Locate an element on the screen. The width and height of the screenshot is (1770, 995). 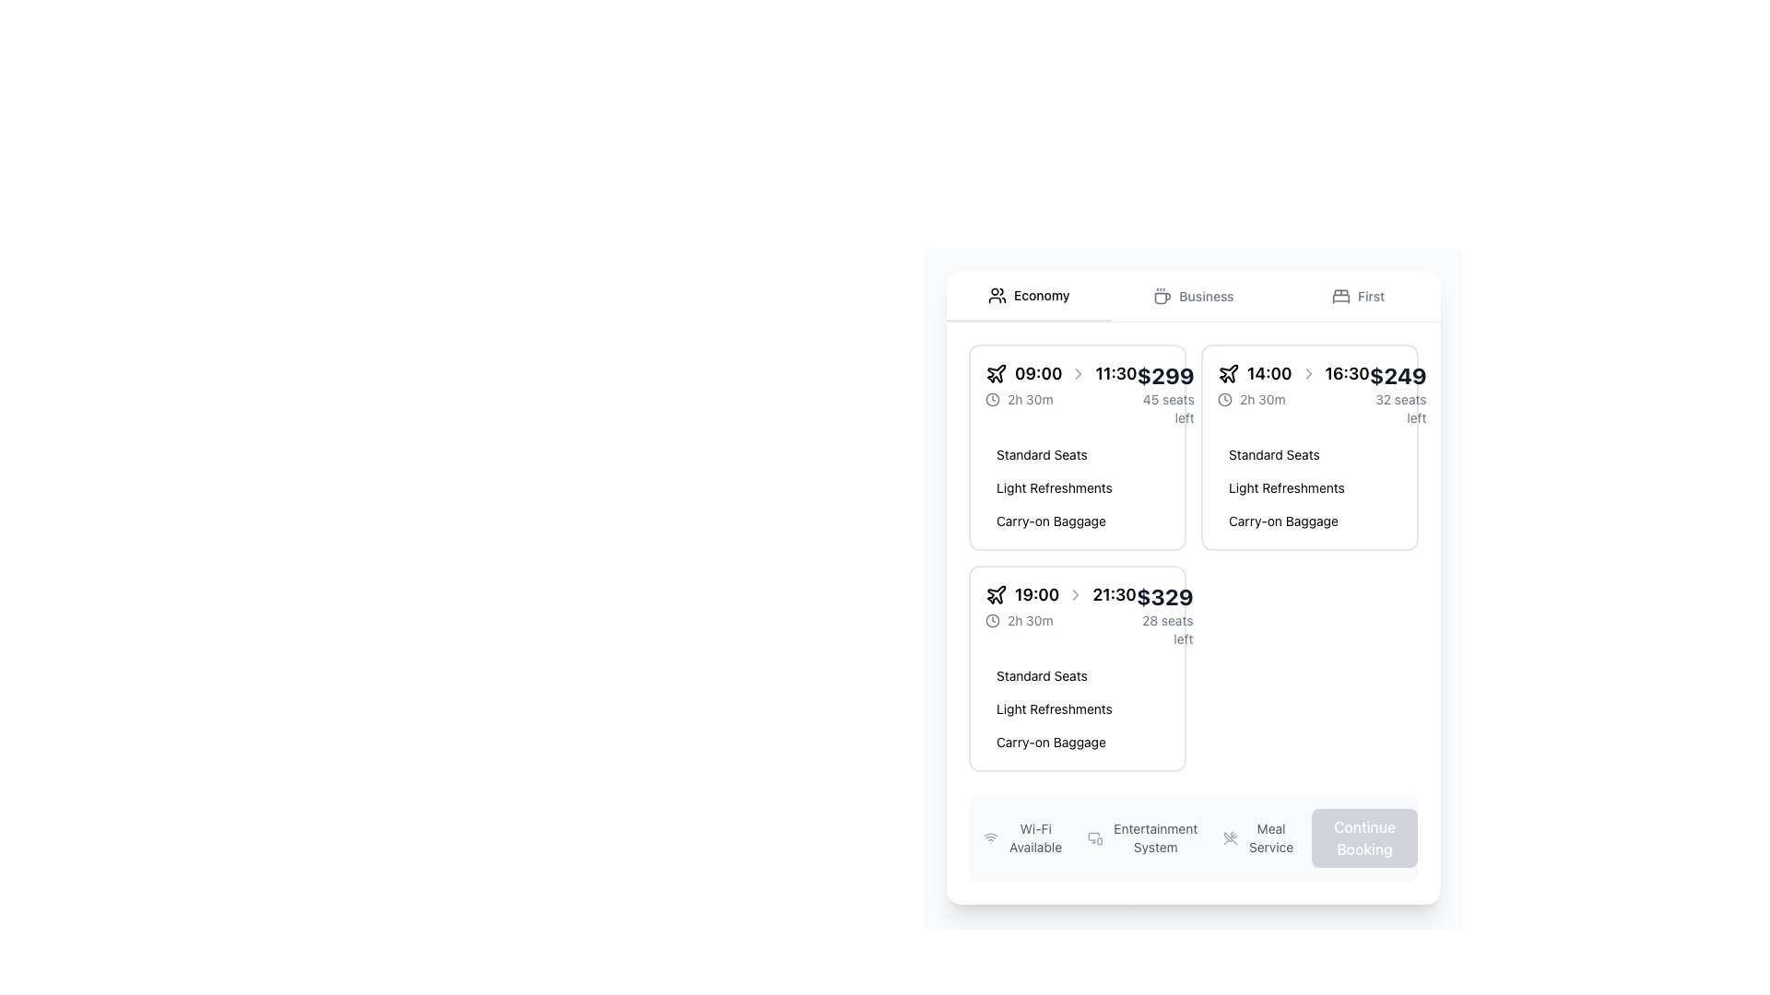
the chevron icon pointing to the right, which is styled with a gray outline and is located between the start time '19:00' and the end time '21:30' in the time information row is located at coordinates (1076, 594).